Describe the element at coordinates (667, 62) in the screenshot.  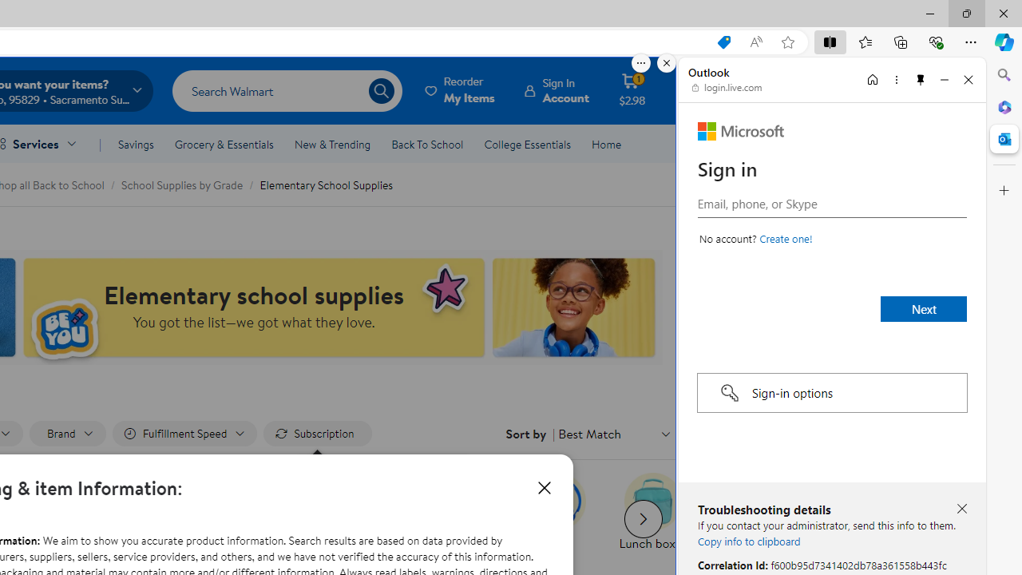
I see `'Close split screen.'` at that location.